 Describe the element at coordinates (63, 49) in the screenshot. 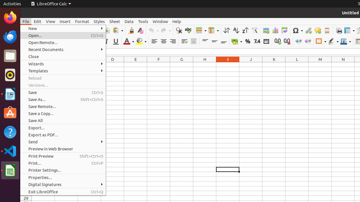

I see `'Recent Documents'` at that location.